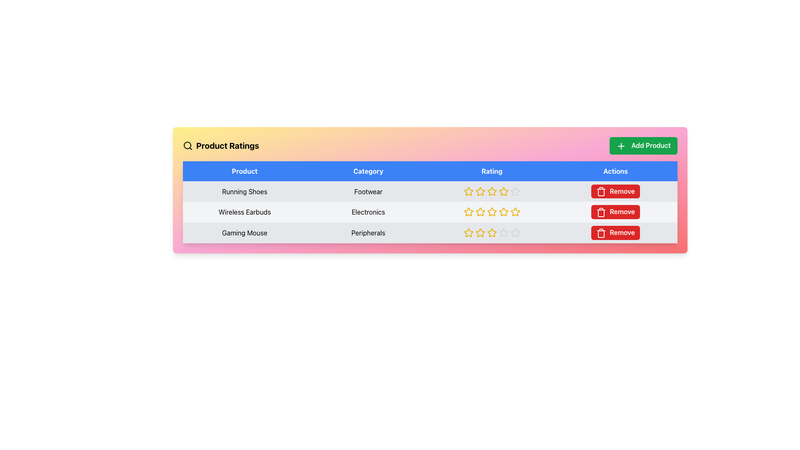  I want to click on the third star in the 'Rating' column of the 'Wireless Earbuds' row, so click(480, 212).